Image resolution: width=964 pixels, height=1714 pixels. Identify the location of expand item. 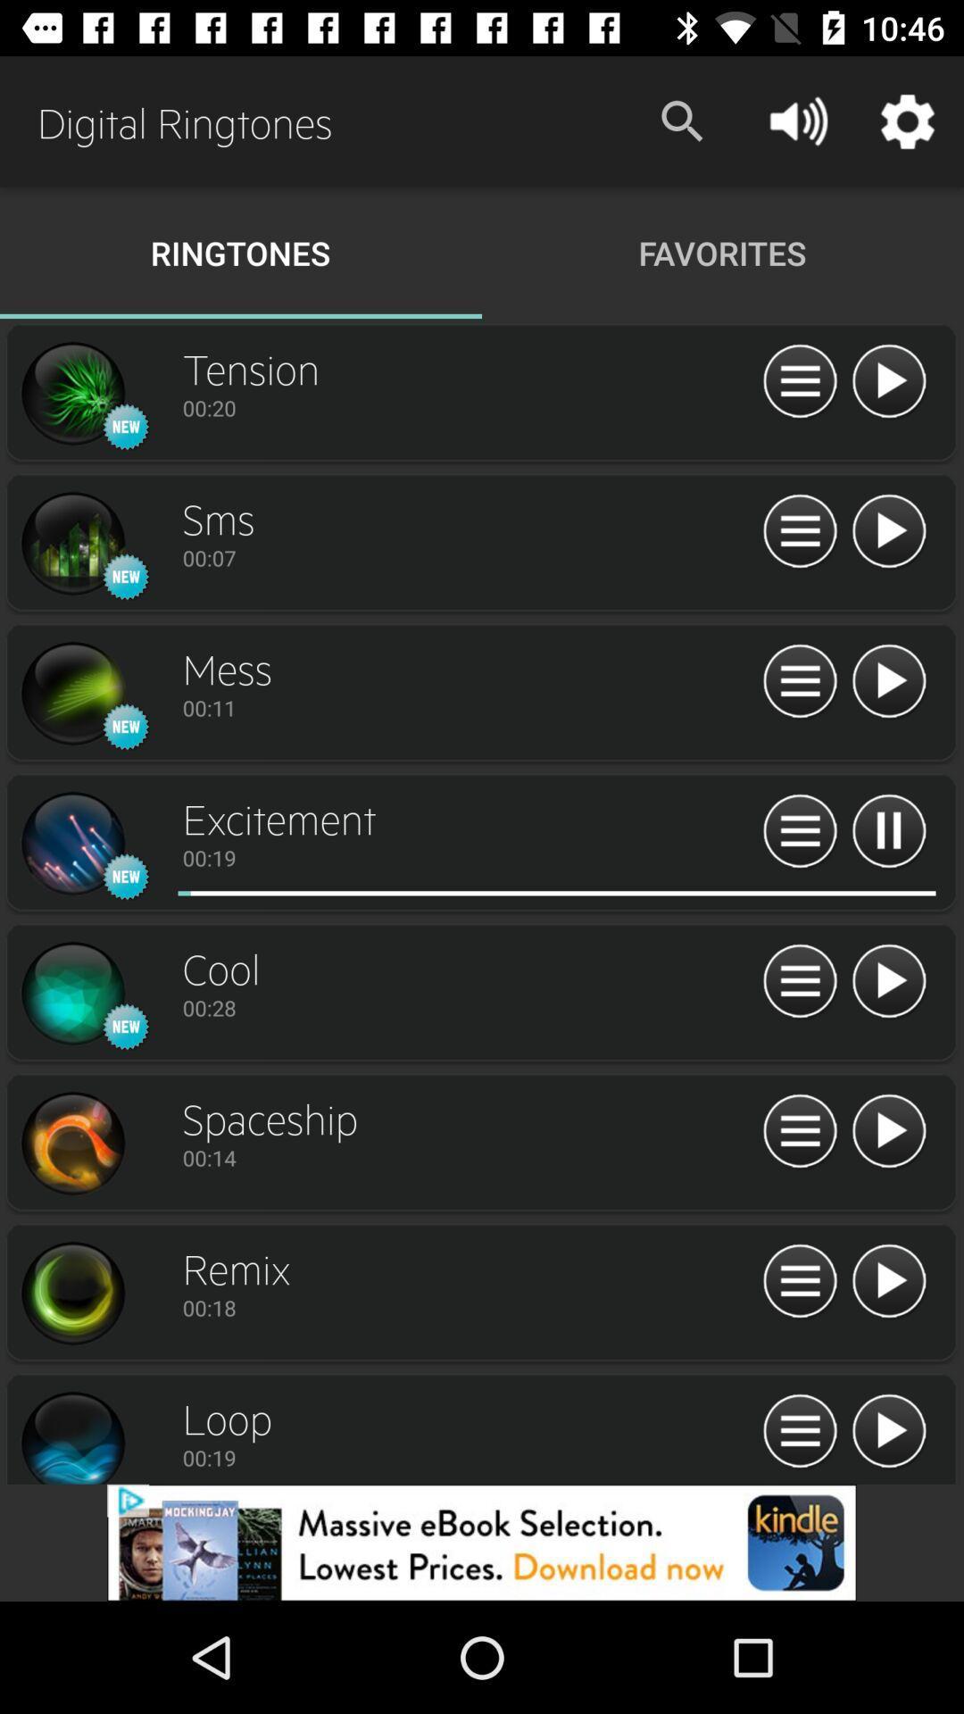
(799, 981).